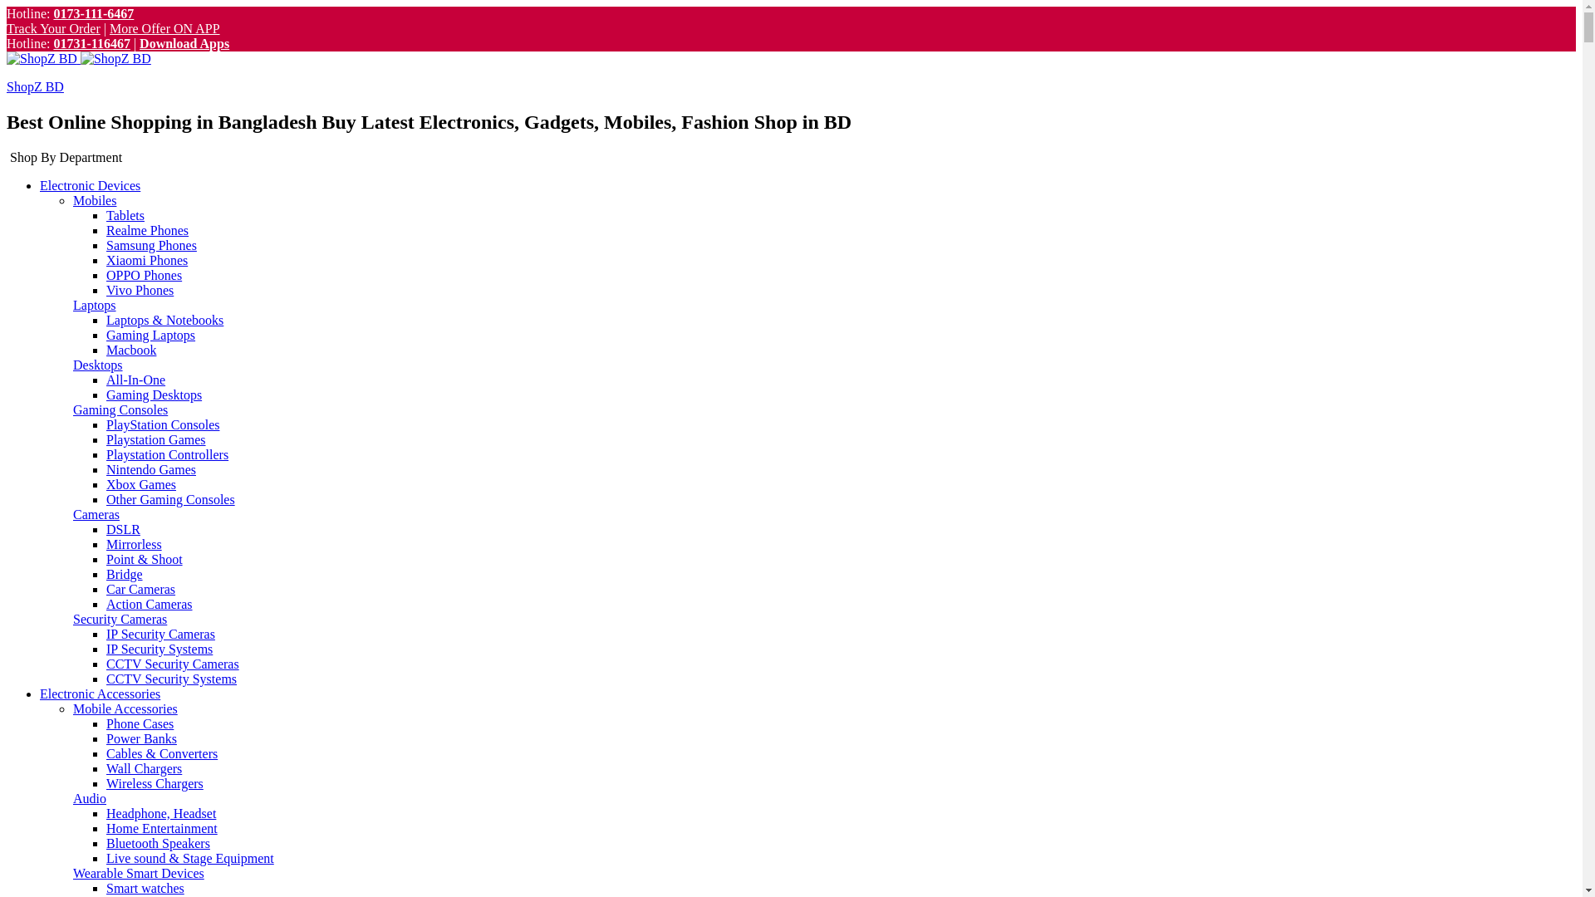 The width and height of the screenshot is (1595, 897). Describe the element at coordinates (172, 663) in the screenshot. I see `'CCTV Security Cameras'` at that location.